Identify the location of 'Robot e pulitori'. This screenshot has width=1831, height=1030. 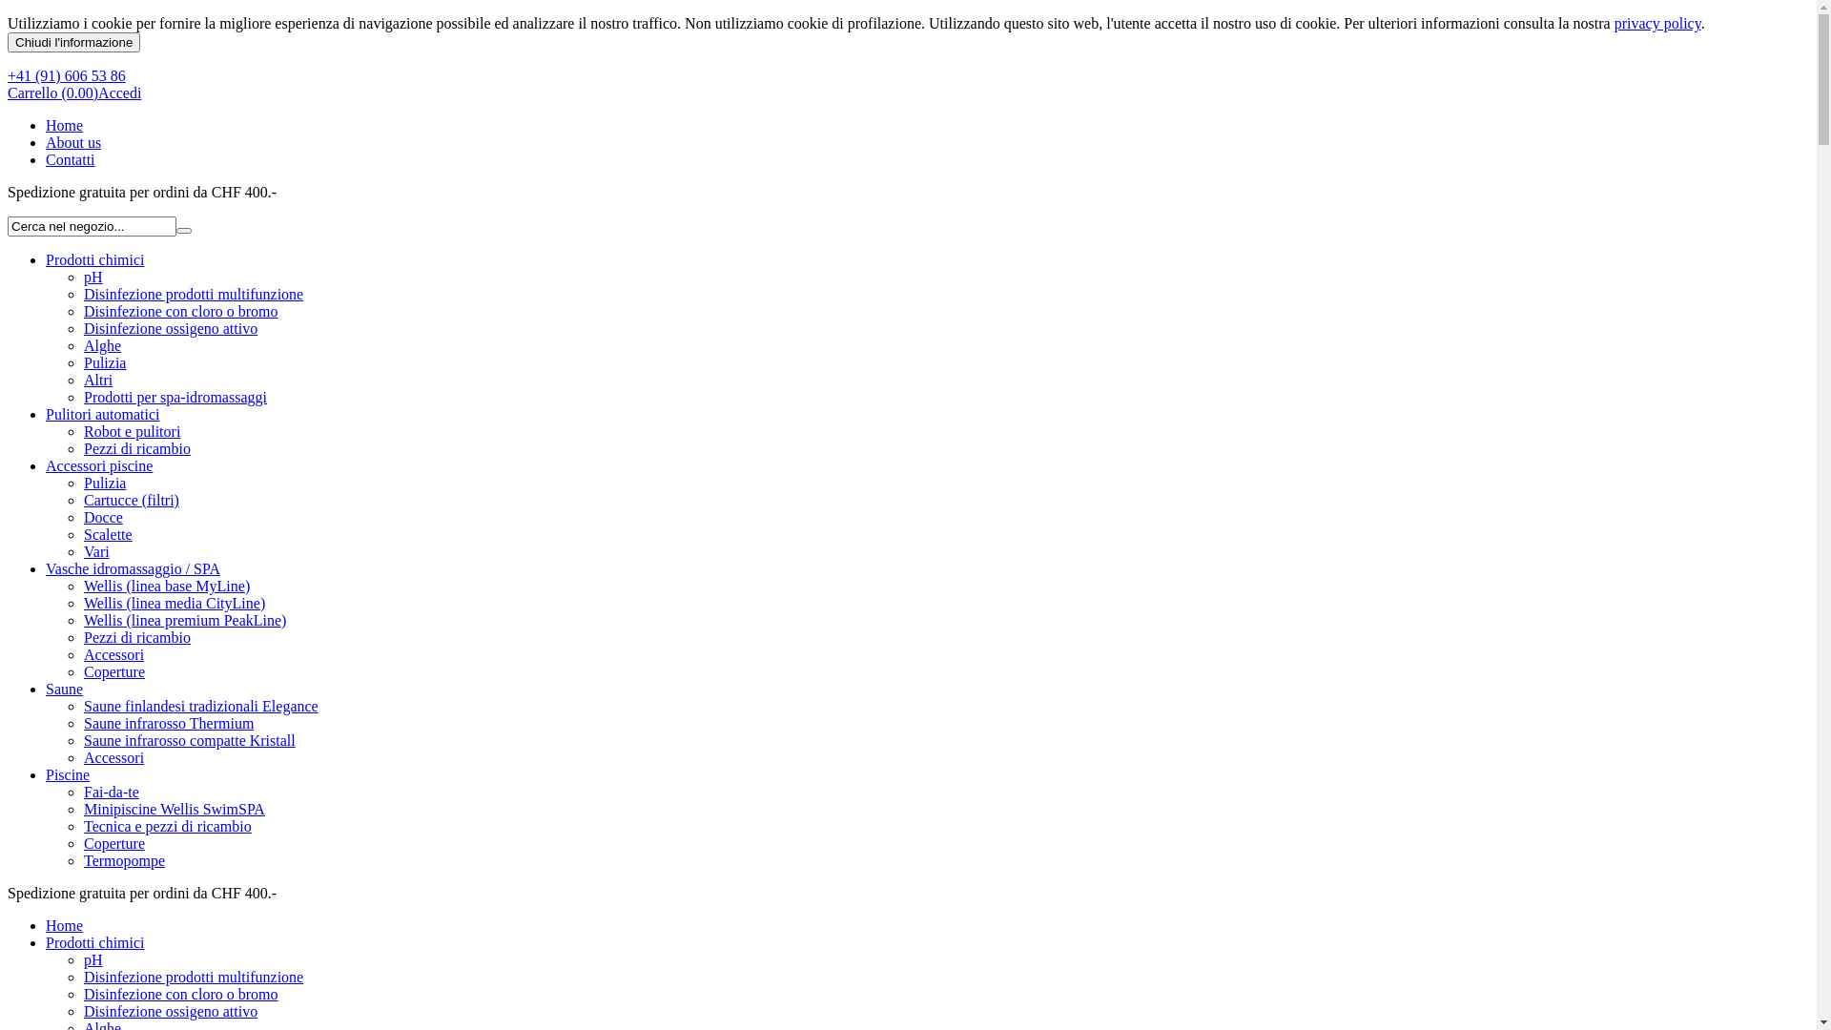
(131, 431).